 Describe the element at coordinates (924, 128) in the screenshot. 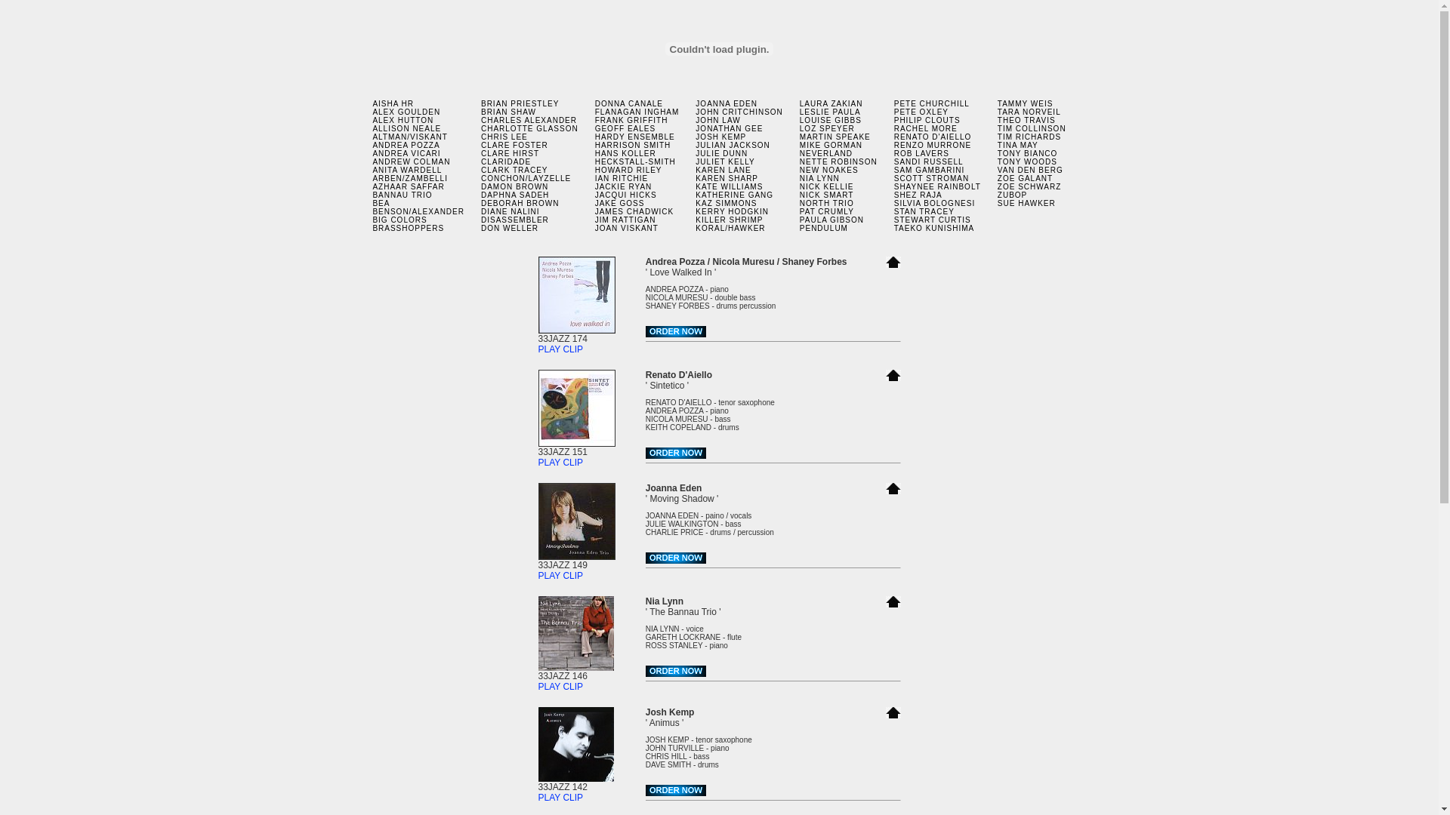

I see `'RACHEL MORE'` at that location.